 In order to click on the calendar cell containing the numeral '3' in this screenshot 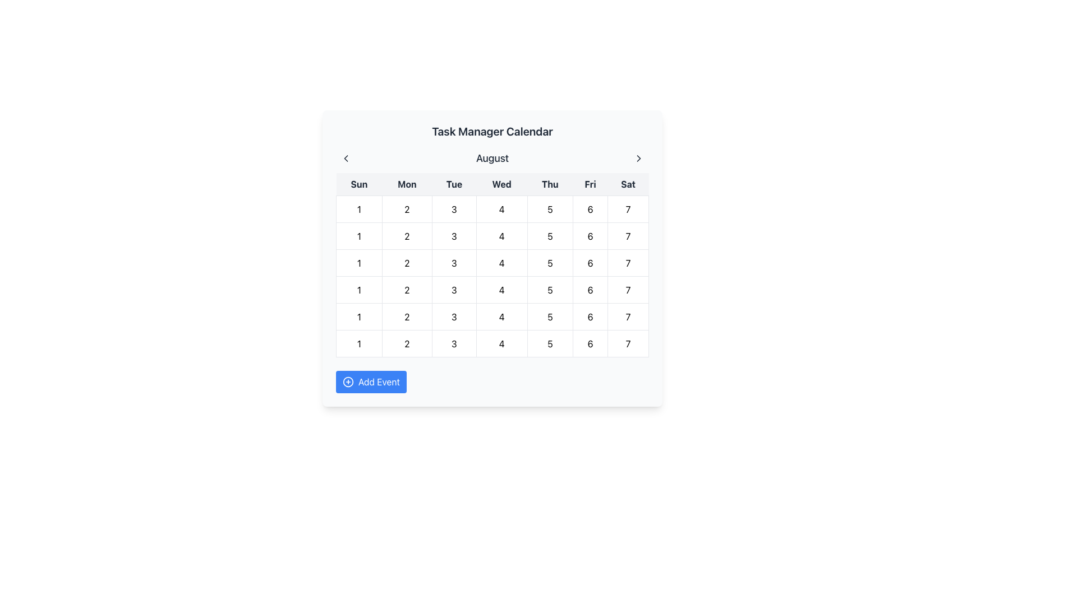, I will do `click(454, 289)`.